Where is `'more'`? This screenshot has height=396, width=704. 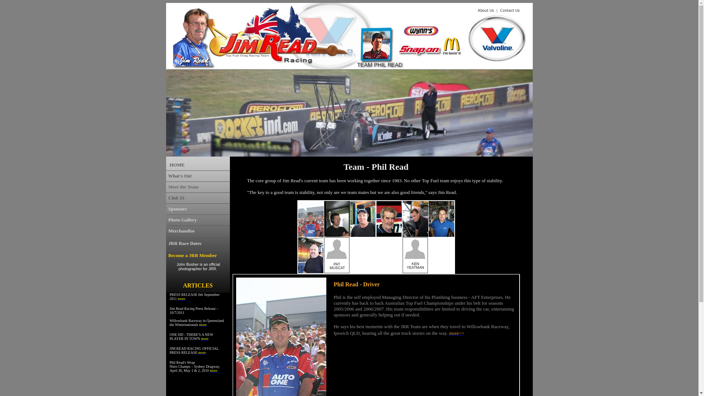 'more' is located at coordinates (205, 338).